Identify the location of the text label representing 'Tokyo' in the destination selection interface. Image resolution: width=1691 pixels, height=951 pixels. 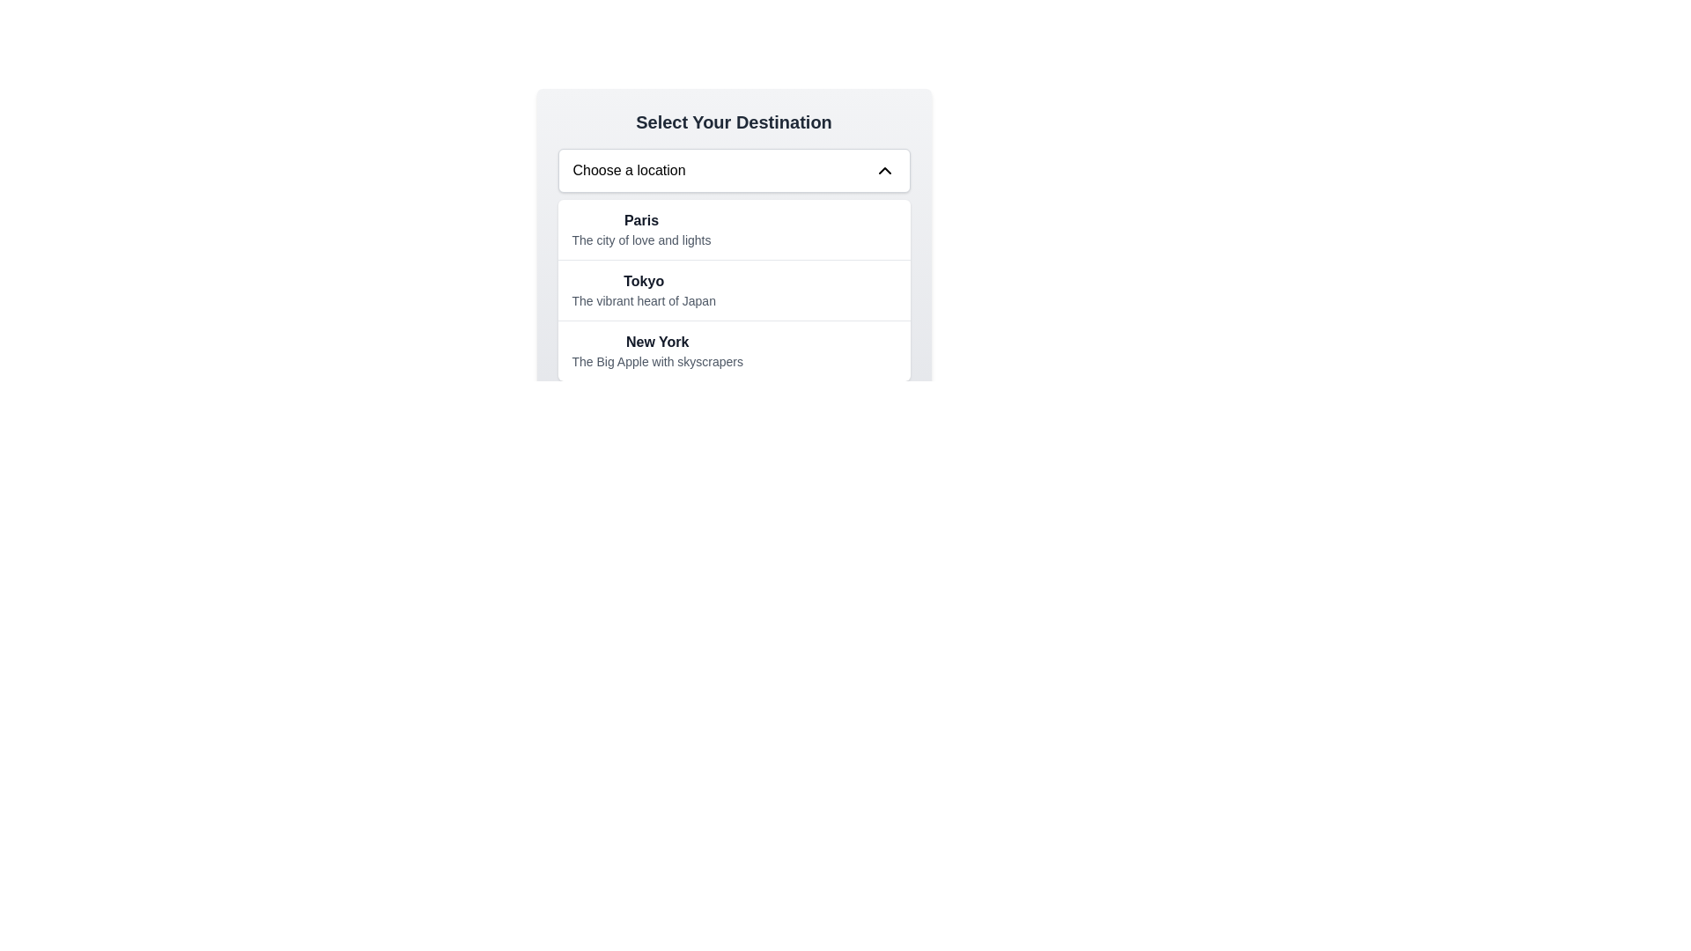
(643, 281).